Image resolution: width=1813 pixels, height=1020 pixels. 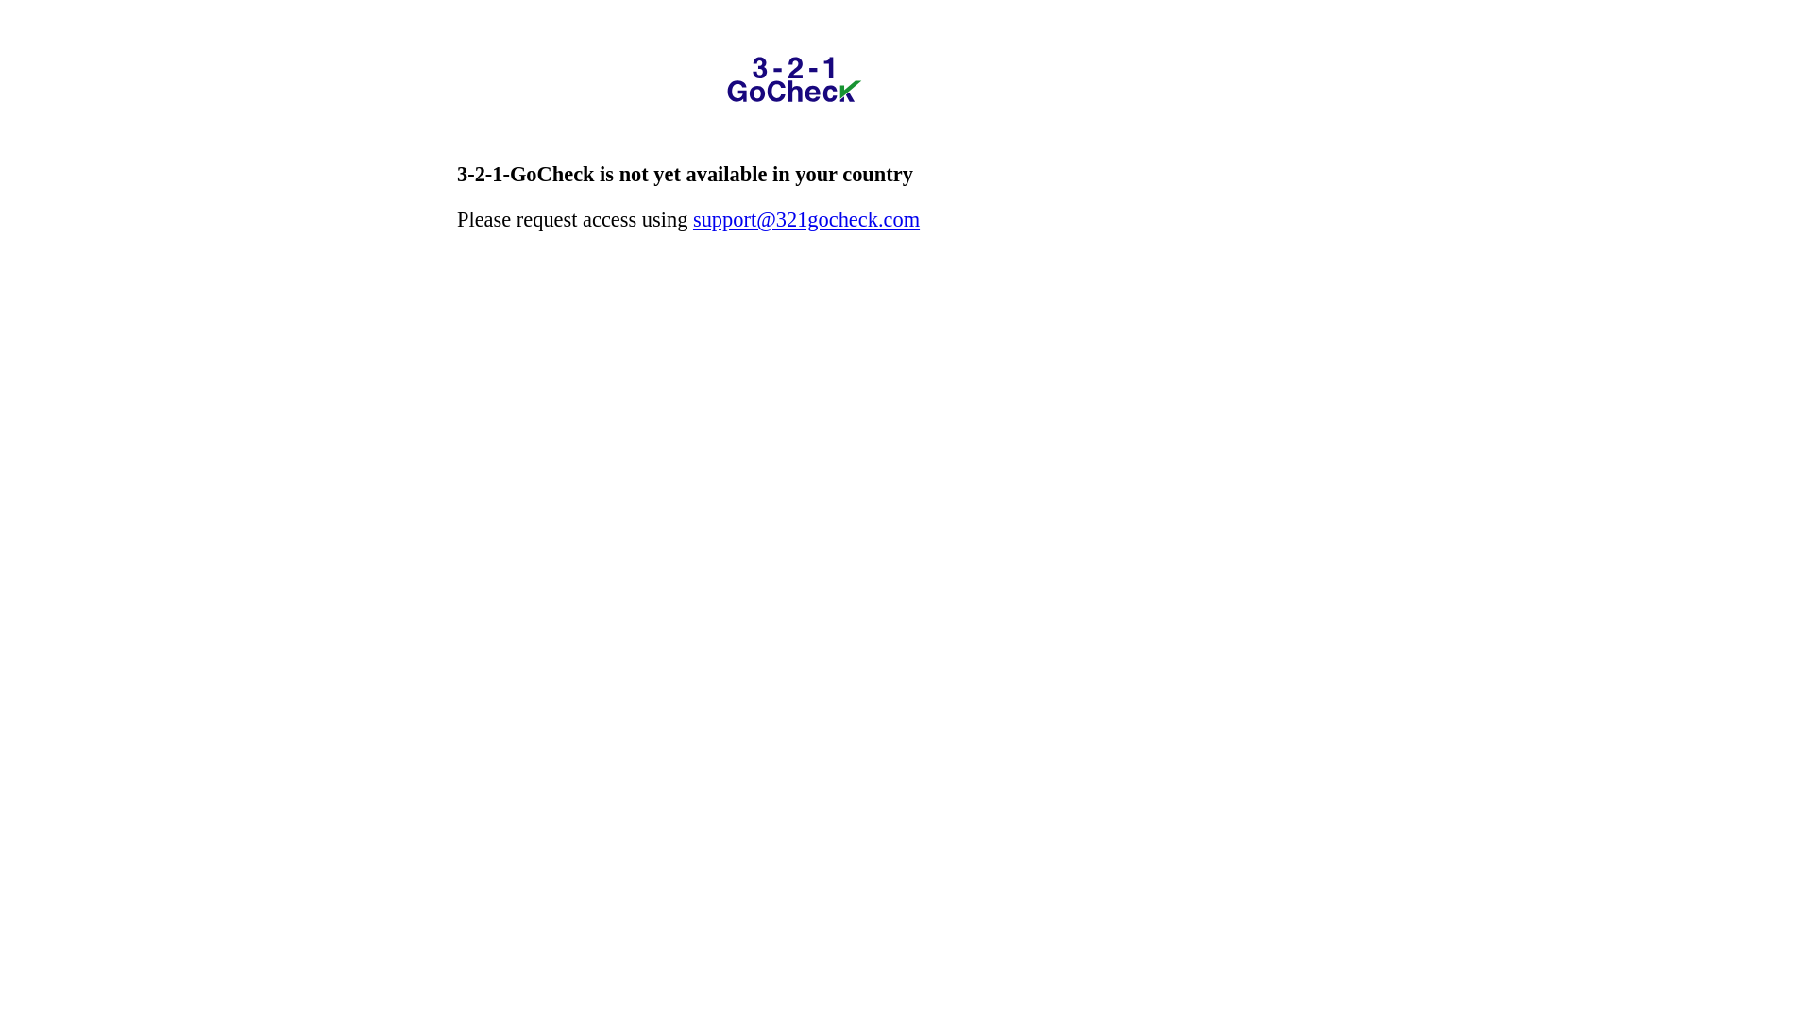 What do you see at coordinates (806, 218) in the screenshot?
I see `'support@321gocheck.com'` at bounding box center [806, 218].